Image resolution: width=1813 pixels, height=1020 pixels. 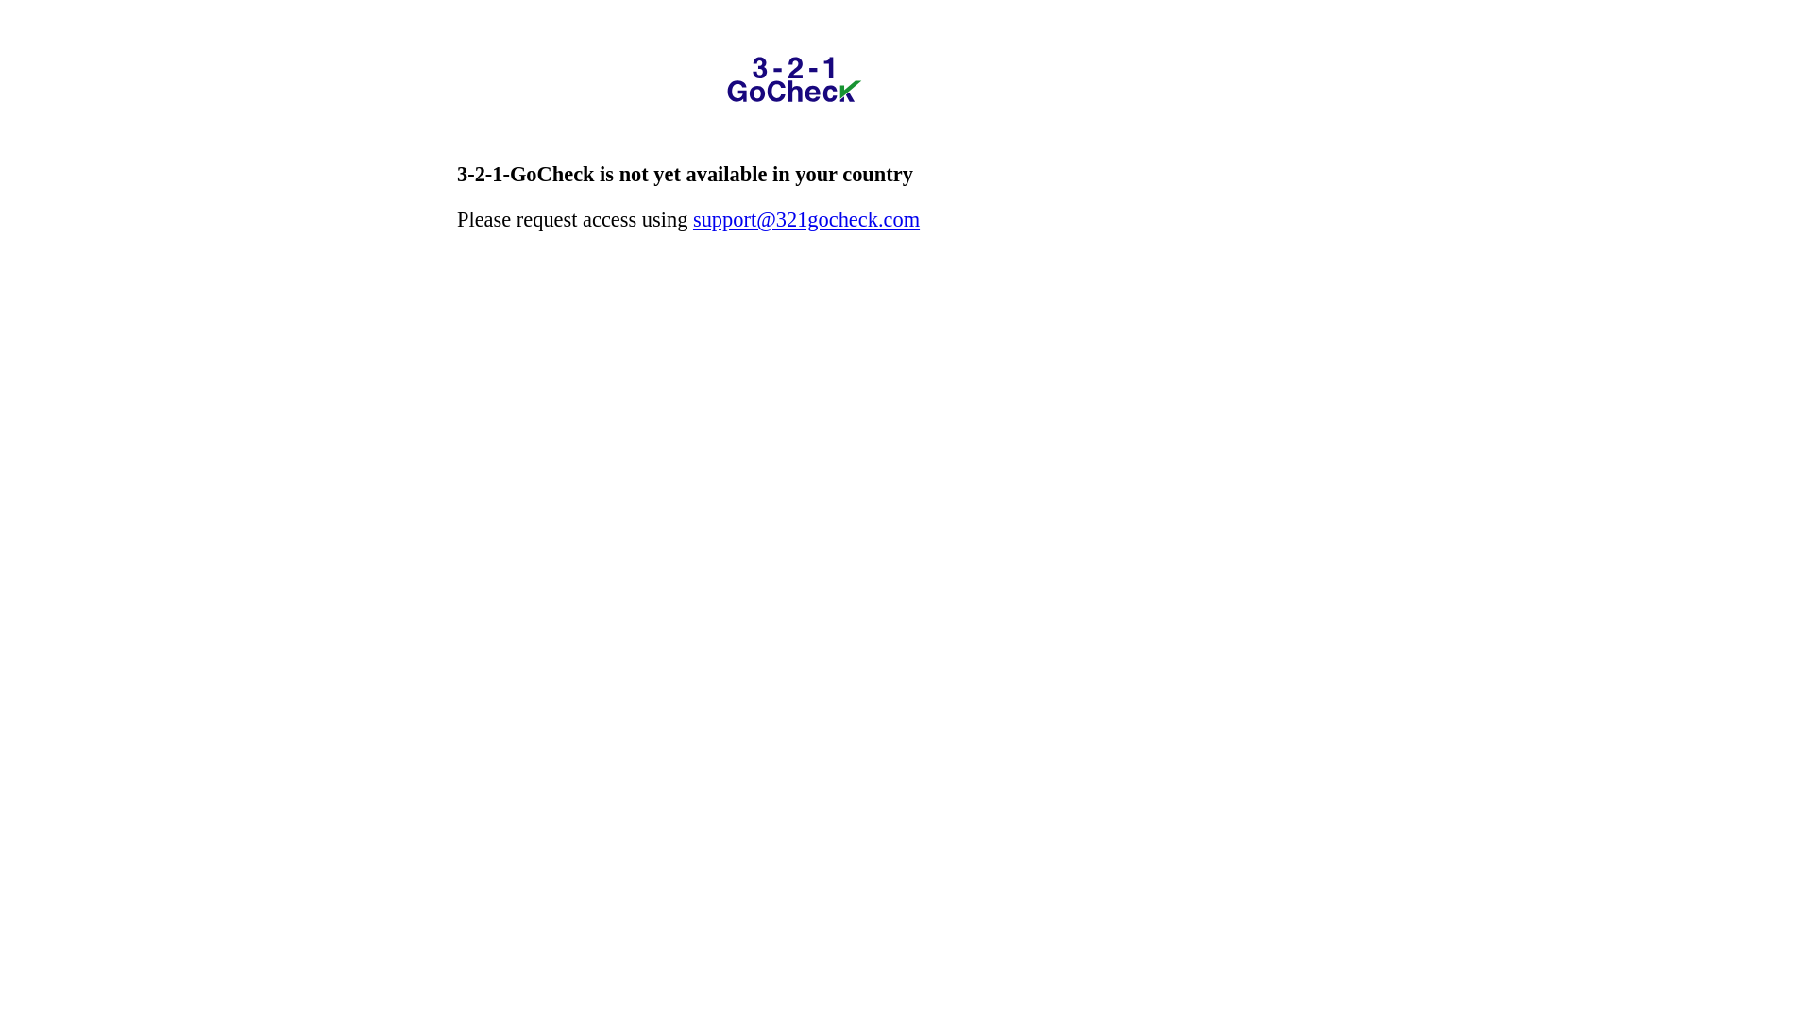 What do you see at coordinates (806, 218) in the screenshot?
I see `'support@321gocheck.com'` at bounding box center [806, 218].